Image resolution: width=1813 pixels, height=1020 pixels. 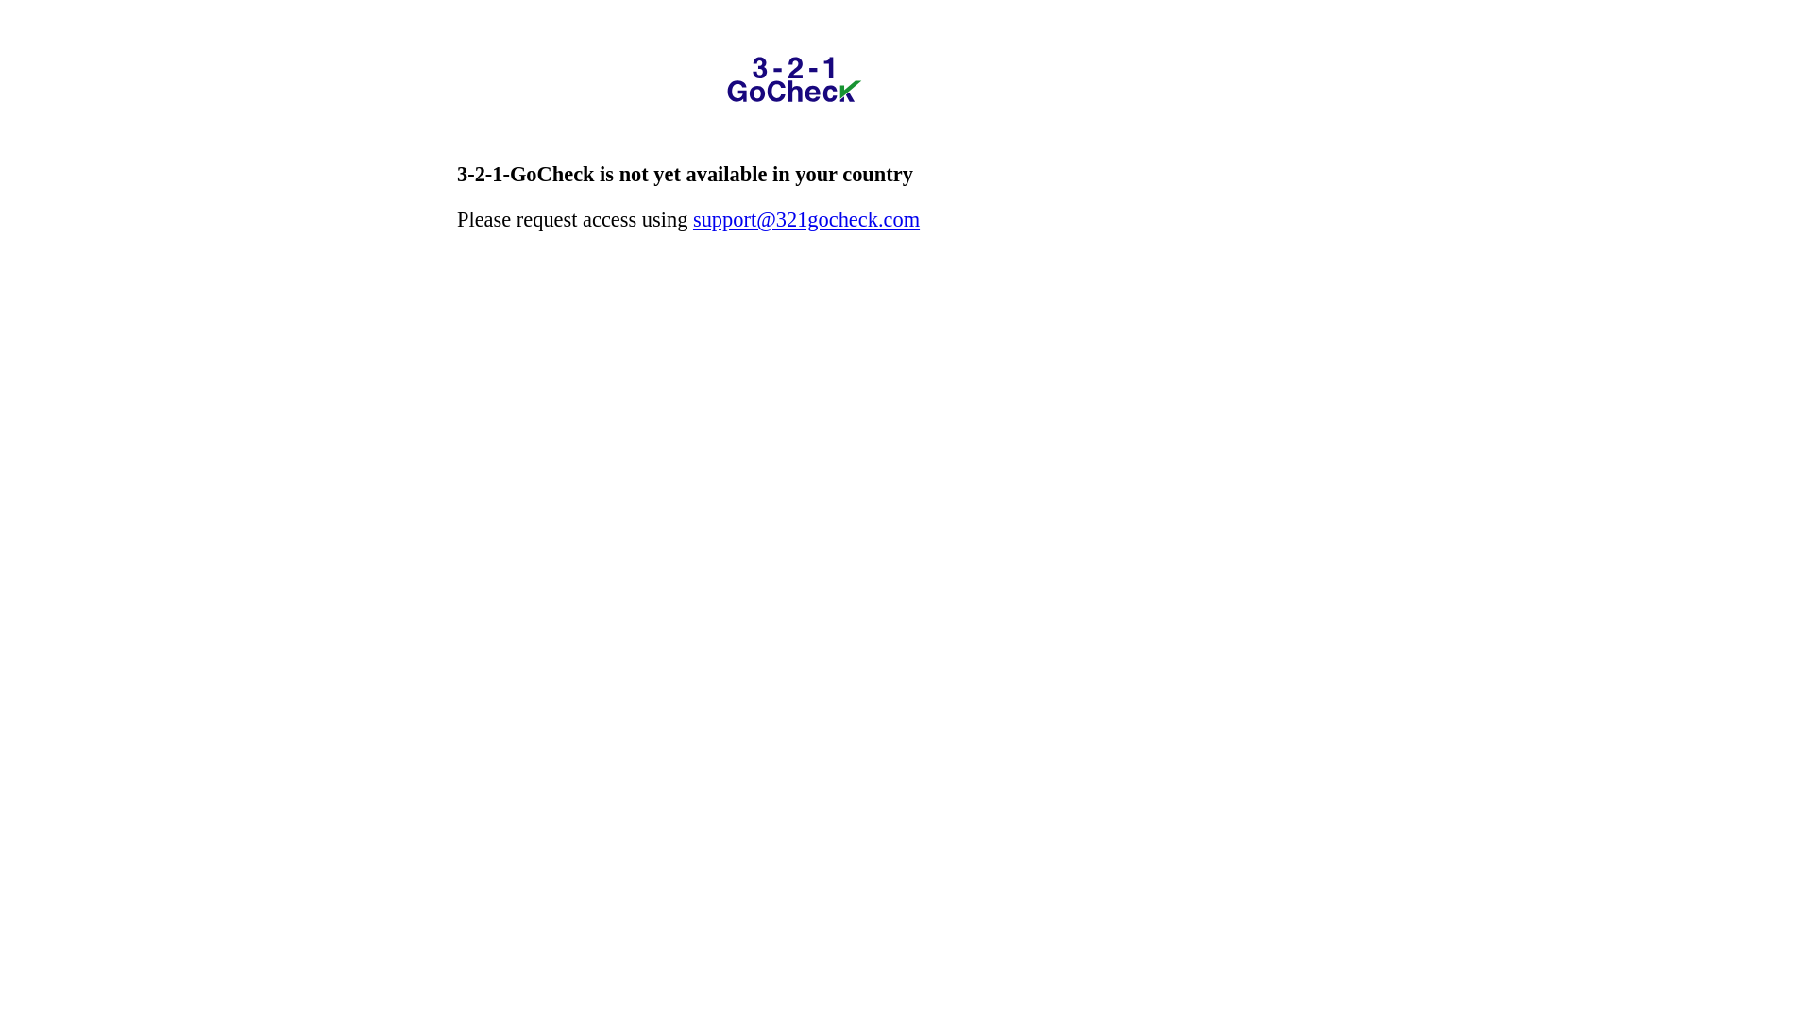 What do you see at coordinates (806, 218) in the screenshot?
I see `'support@321gocheck.com'` at bounding box center [806, 218].